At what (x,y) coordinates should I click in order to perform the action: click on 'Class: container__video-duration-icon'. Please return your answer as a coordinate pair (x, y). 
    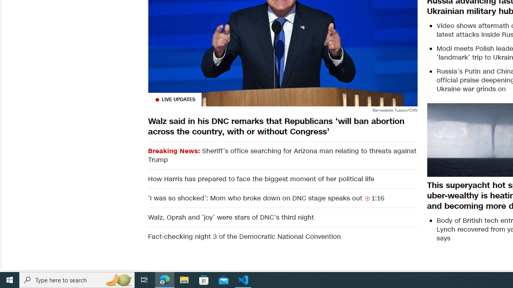
    Looking at the image, I should click on (367, 198).